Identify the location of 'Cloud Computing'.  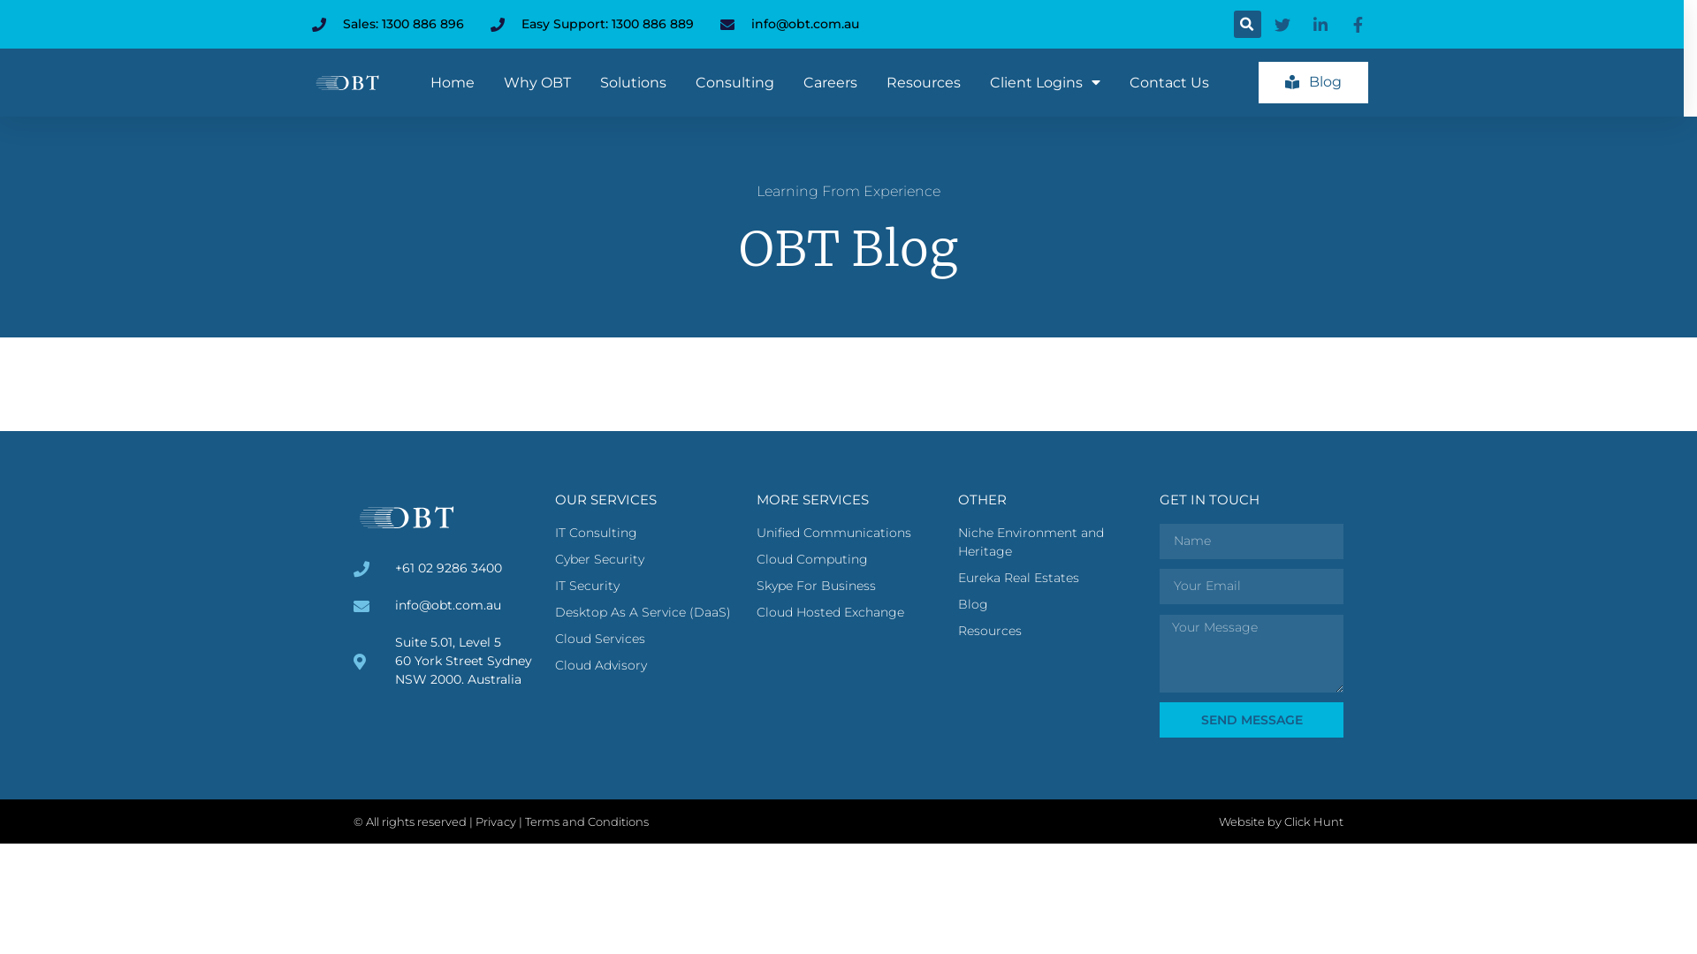
(848, 559).